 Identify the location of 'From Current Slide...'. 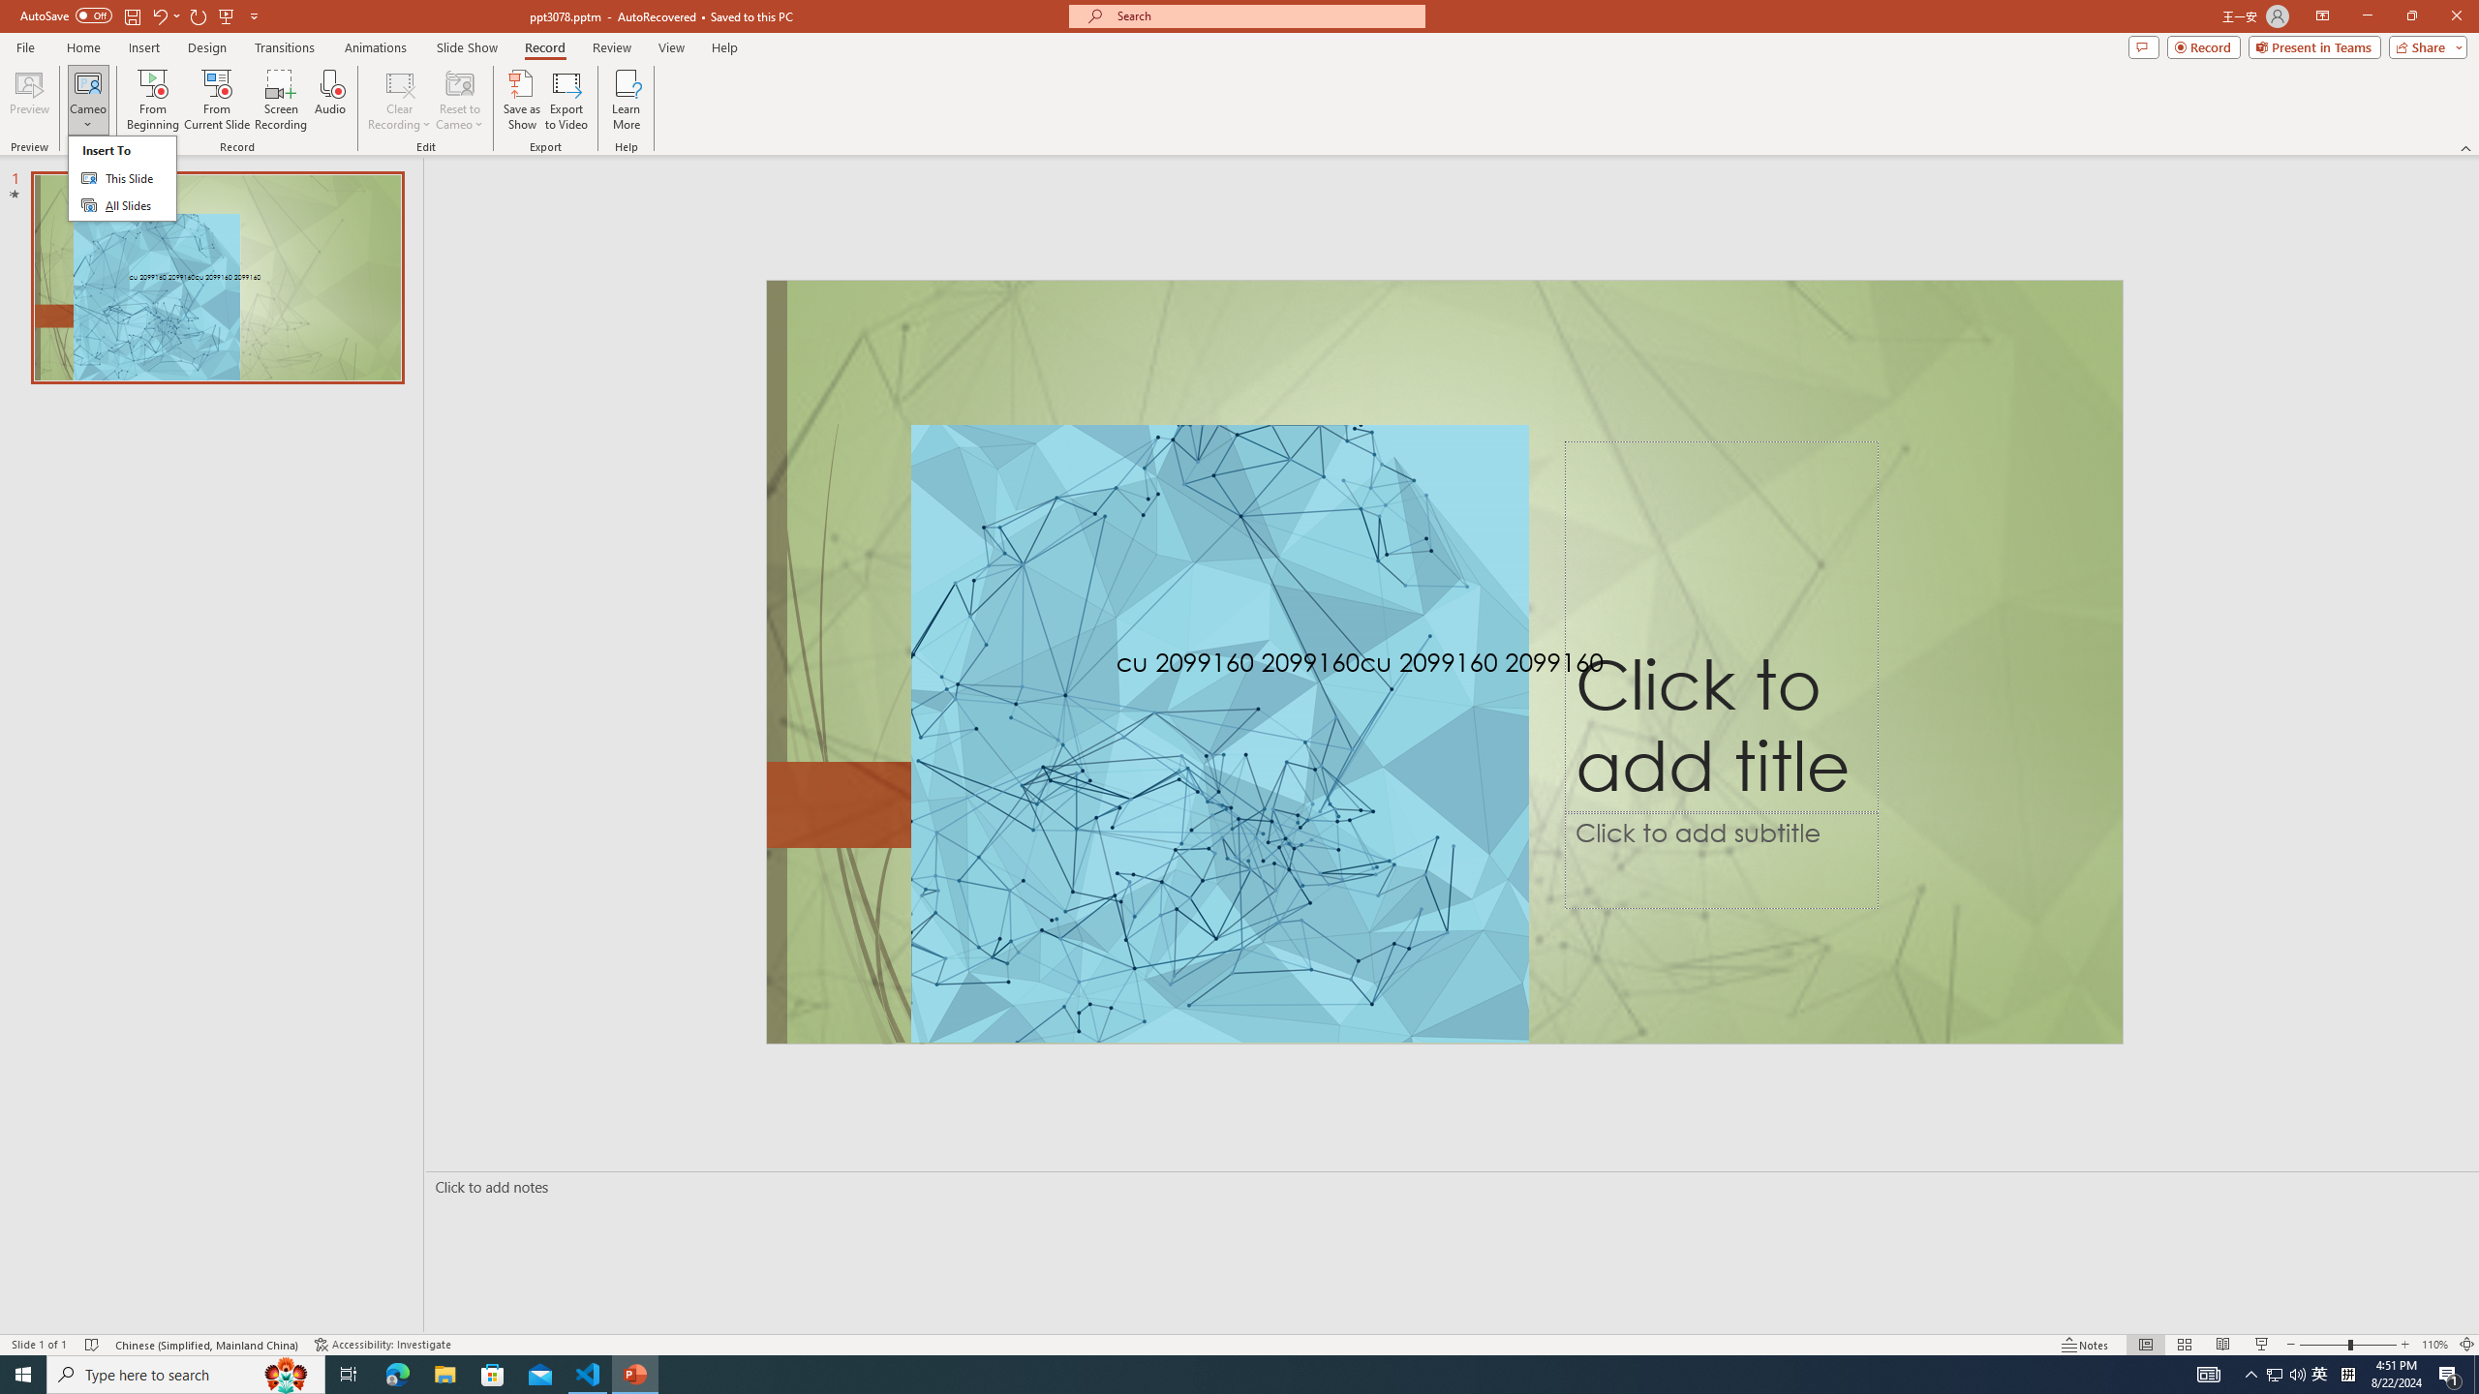
(217, 100).